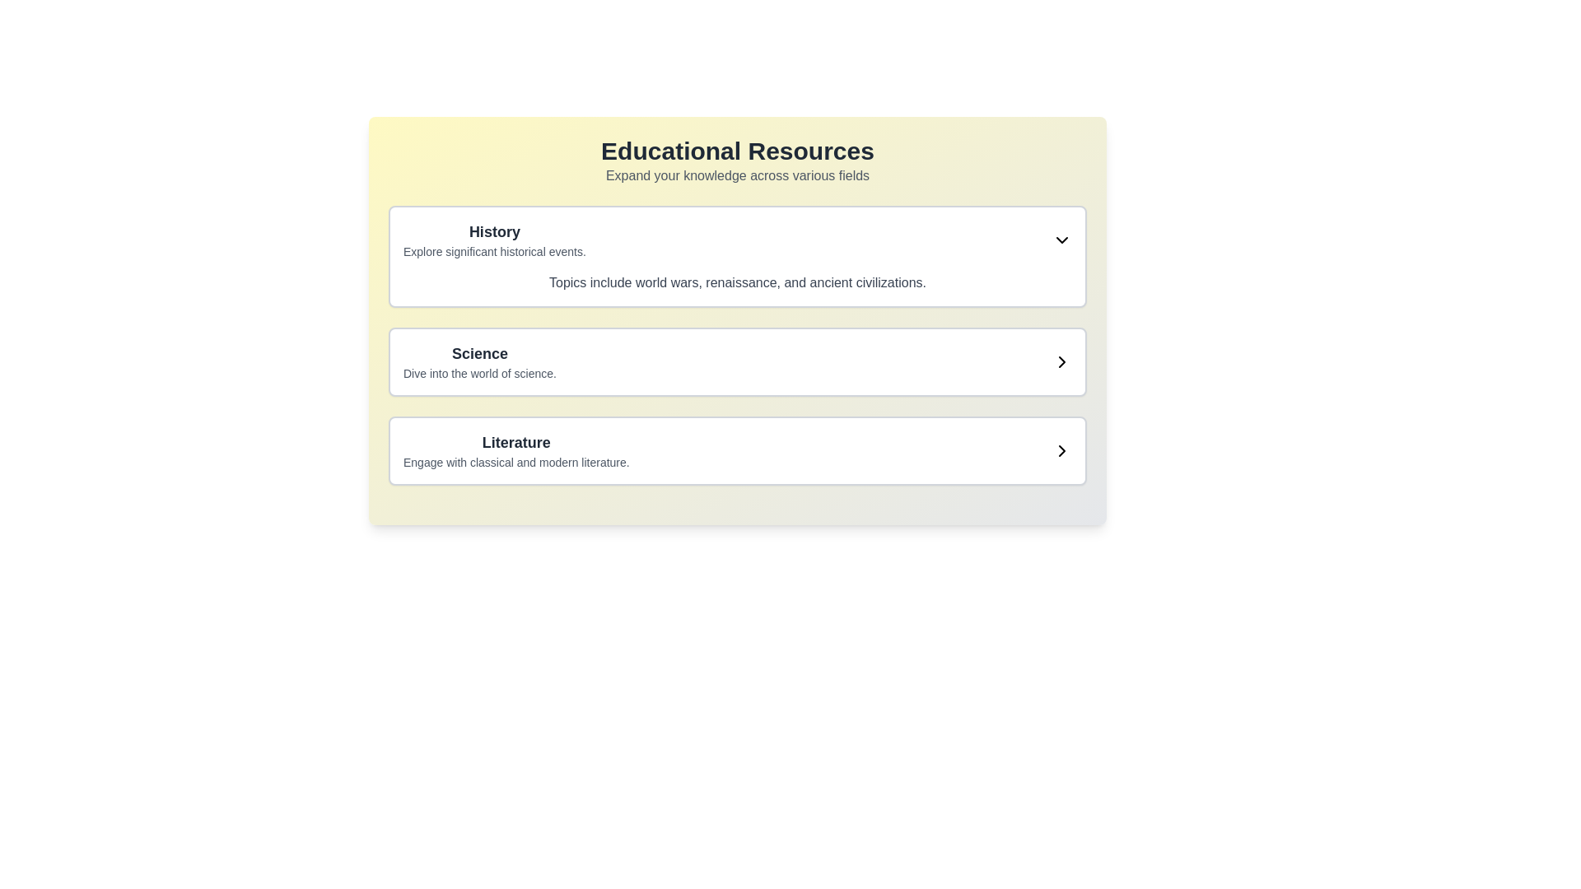 The height and width of the screenshot is (889, 1581). What do you see at coordinates (1062, 450) in the screenshot?
I see `the Chevron (Right Arrow Icon) located to the far right of the 'Literature' list item in the vertical list` at bounding box center [1062, 450].